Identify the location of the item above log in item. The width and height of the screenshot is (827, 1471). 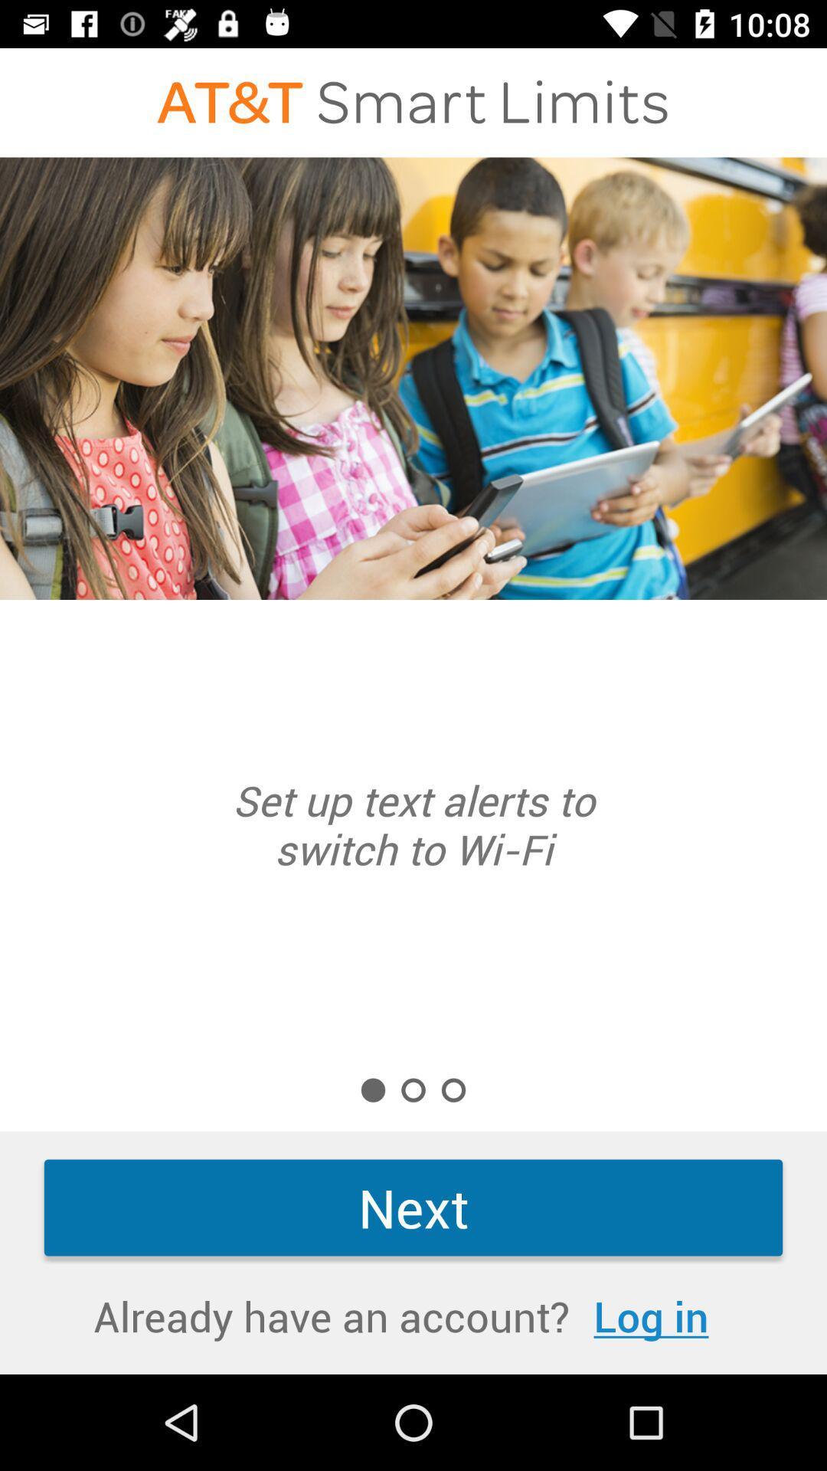
(413, 1207).